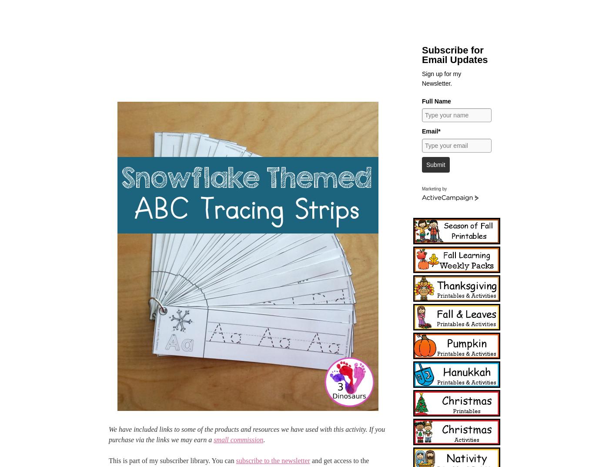 This screenshot has width=609, height=467. What do you see at coordinates (264, 439) in the screenshot?
I see `'.'` at bounding box center [264, 439].